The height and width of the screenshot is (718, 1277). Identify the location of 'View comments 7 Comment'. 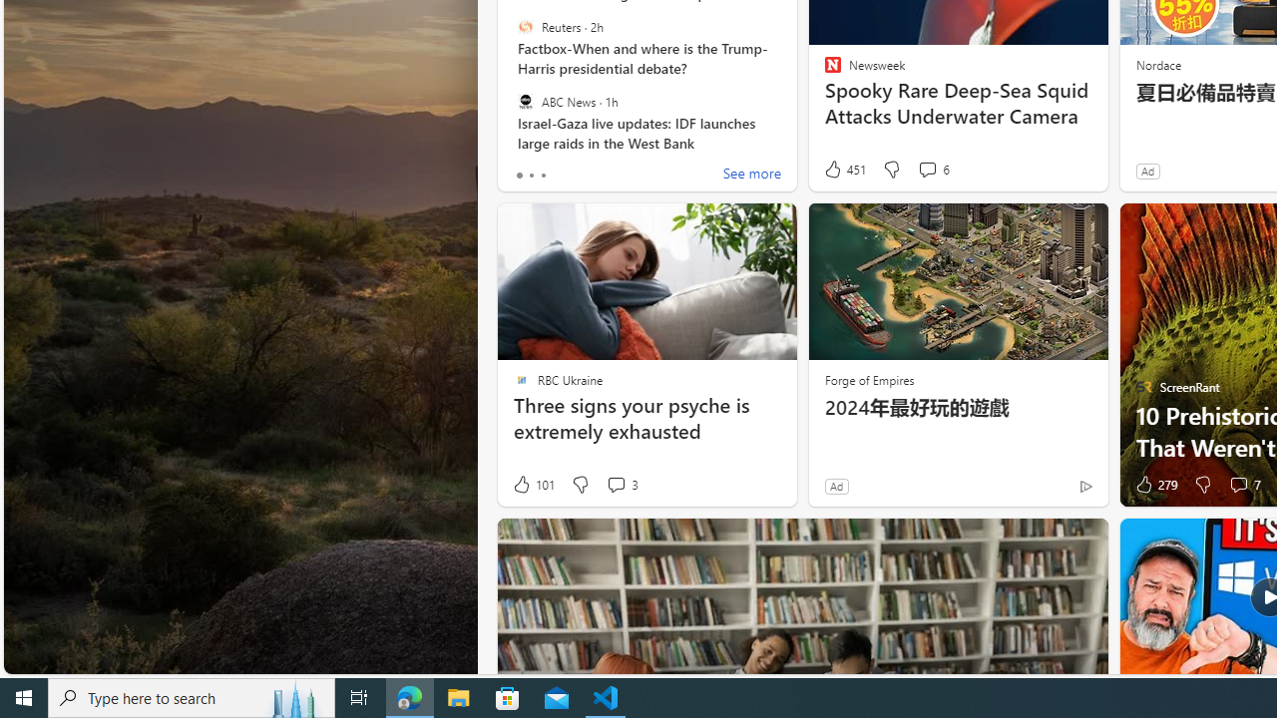
(1237, 485).